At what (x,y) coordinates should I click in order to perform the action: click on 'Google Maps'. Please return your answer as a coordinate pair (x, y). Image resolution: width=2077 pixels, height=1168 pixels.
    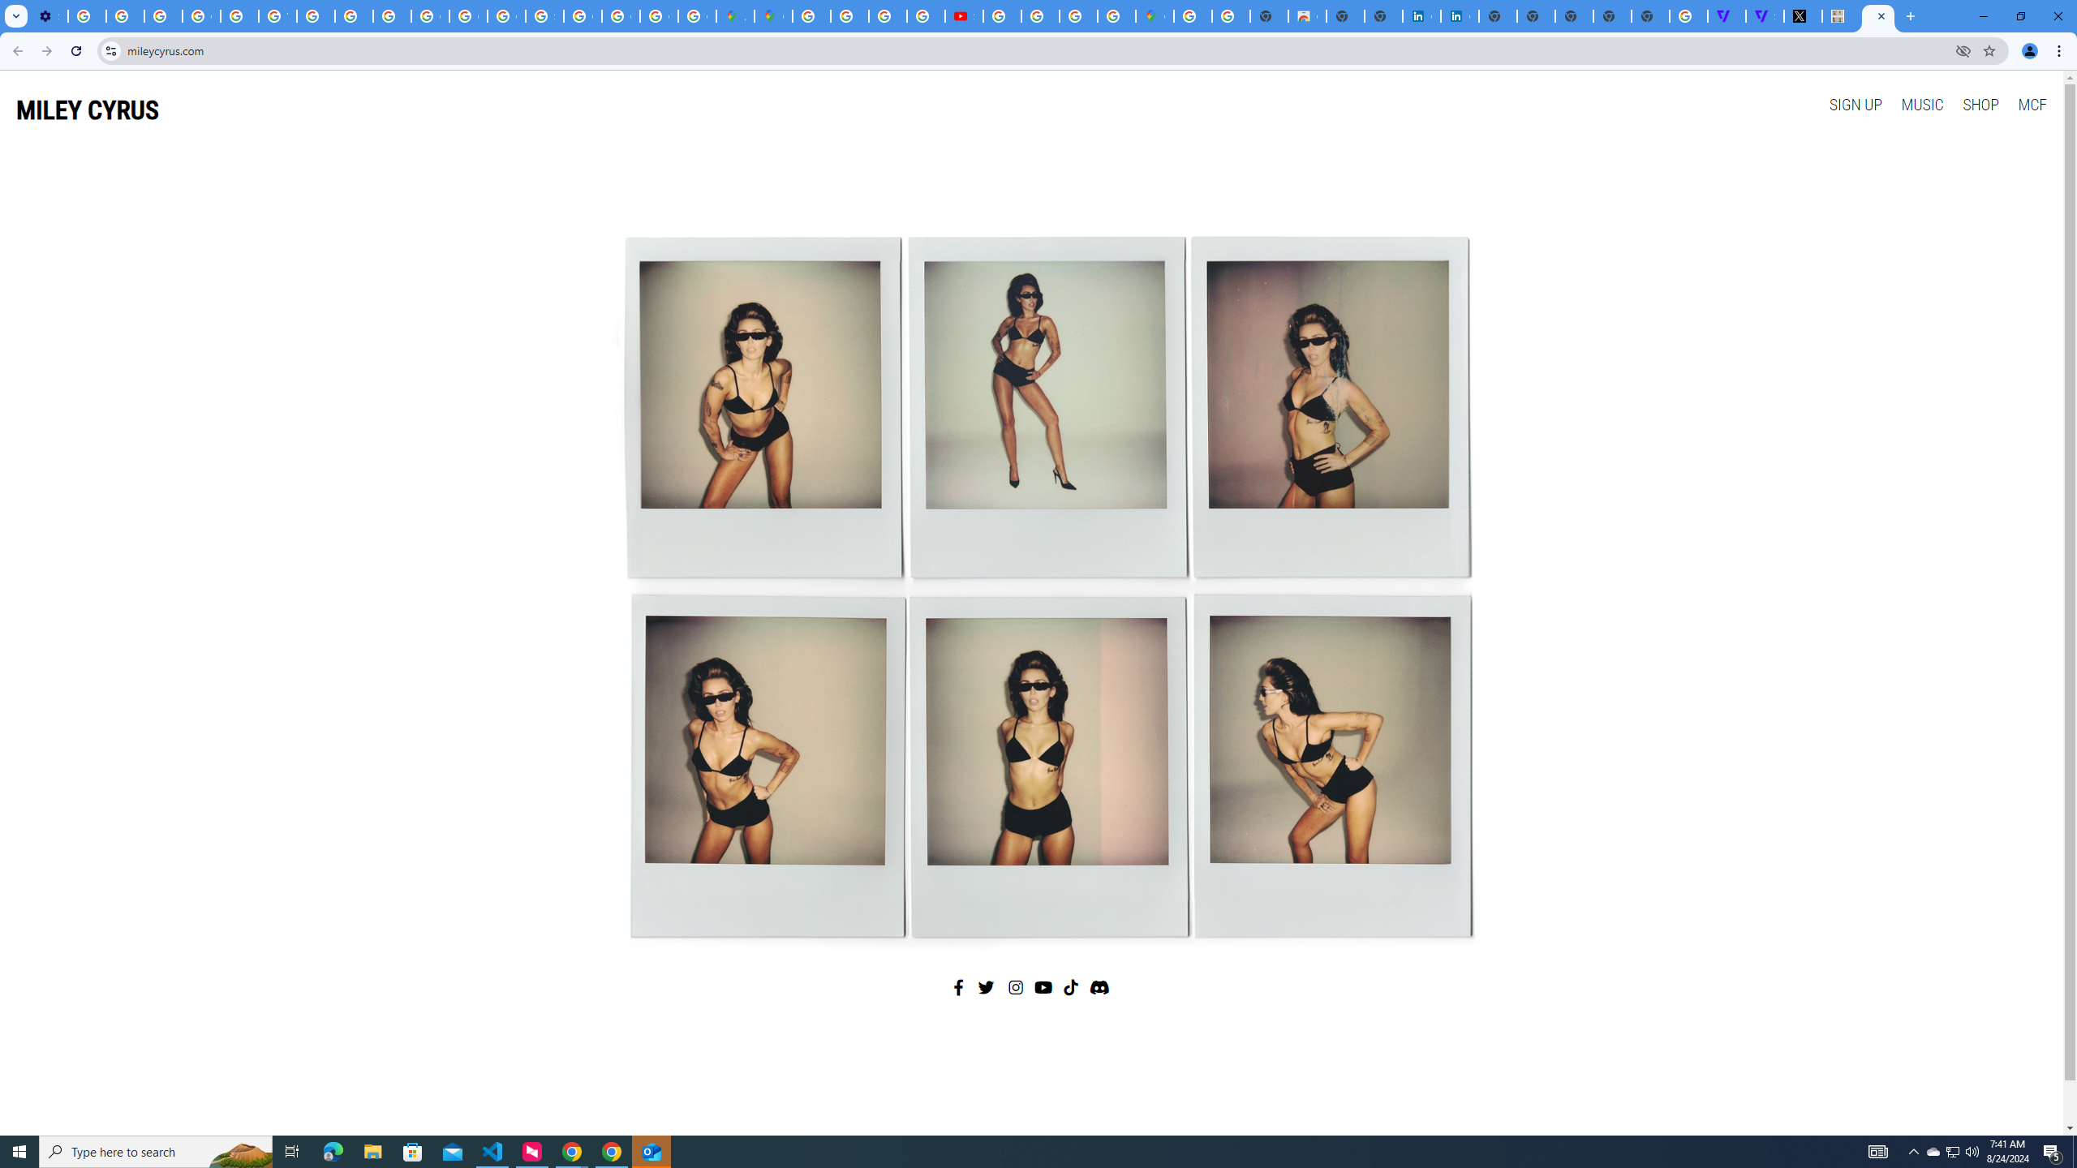
    Looking at the image, I should click on (773, 15).